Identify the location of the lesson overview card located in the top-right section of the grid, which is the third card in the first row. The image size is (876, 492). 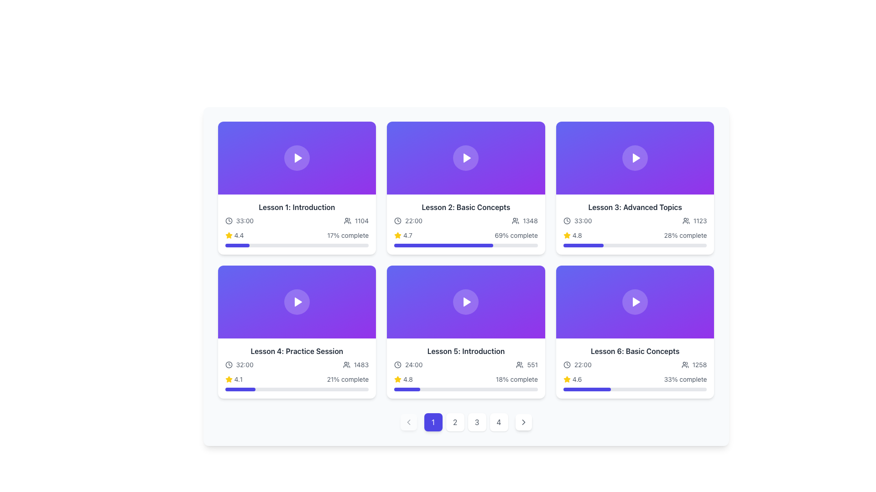
(635, 225).